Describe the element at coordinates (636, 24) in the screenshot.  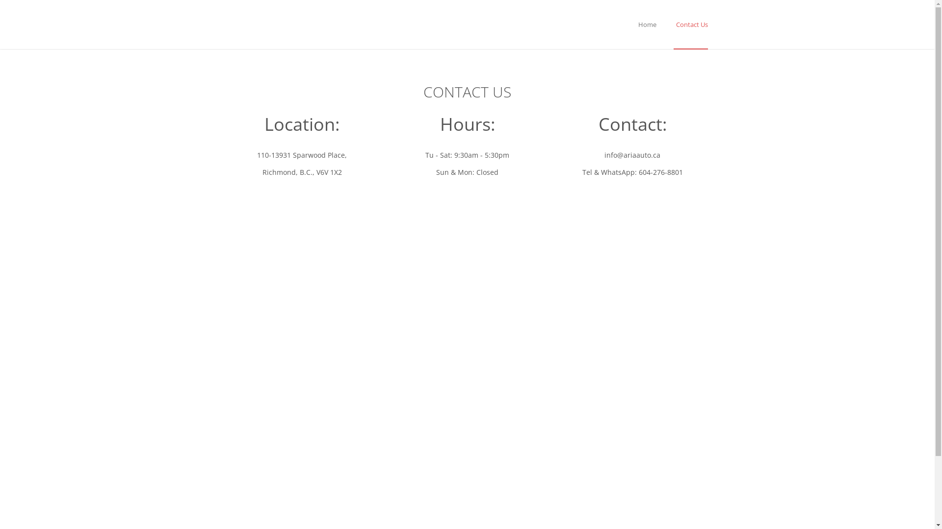
I see `'Home'` at that location.